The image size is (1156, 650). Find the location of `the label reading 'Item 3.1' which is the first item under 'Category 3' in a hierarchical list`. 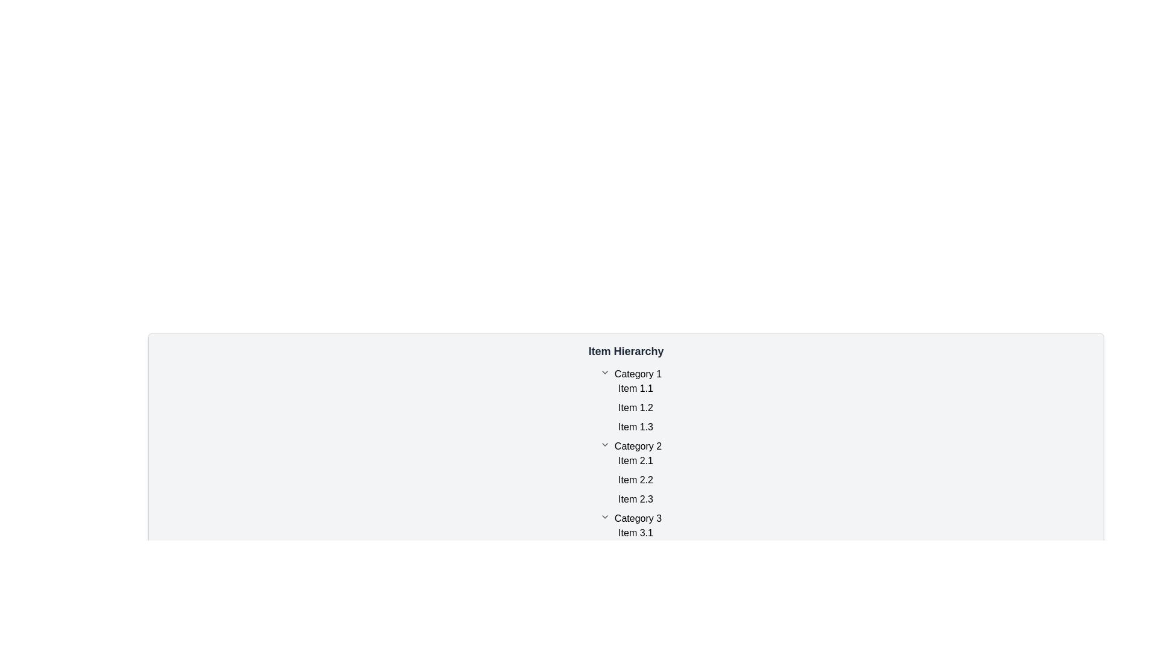

the label reading 'Item 3.1' which is the first item under 'Category 3' in a hierarchical list is located at coordinates (635, 531).